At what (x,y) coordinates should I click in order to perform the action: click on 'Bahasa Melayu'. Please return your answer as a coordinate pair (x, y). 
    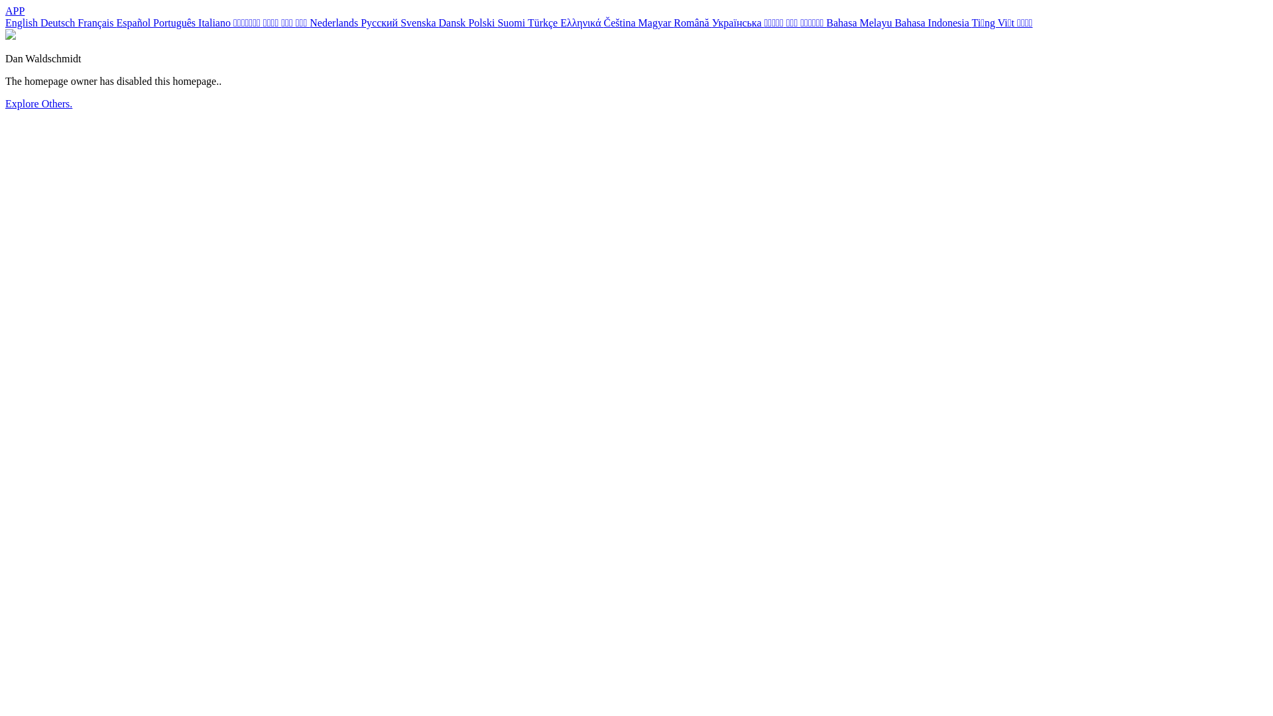
    Looking at the image, I should click on (825, 23).